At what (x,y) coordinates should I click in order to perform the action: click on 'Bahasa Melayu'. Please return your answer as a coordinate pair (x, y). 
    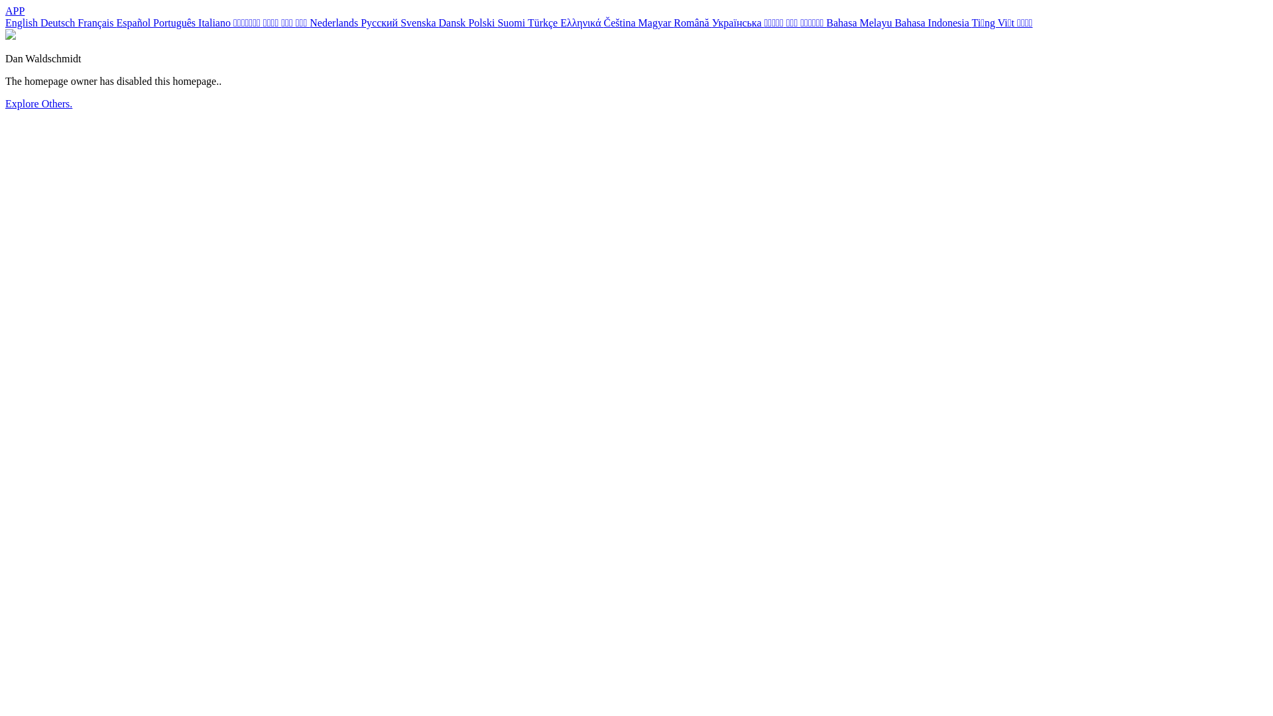
    Looking at the image, I should click on (825, 23).